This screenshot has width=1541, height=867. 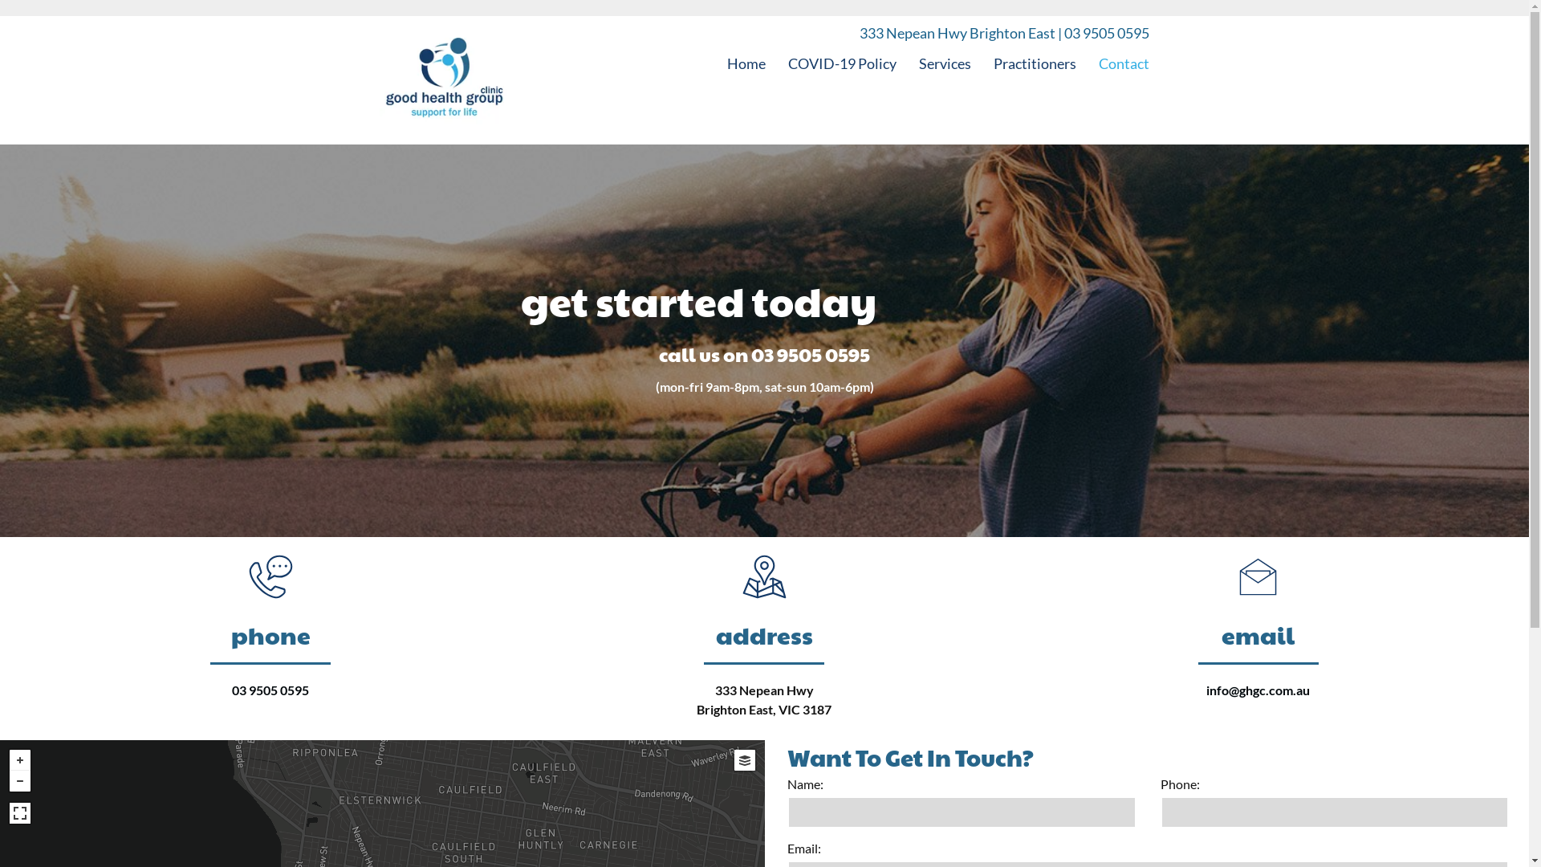 What do you see at coordinates (1227, 575) in the screenshot?
I see `'icon of envelope'` at bounding box center [1227, 575].